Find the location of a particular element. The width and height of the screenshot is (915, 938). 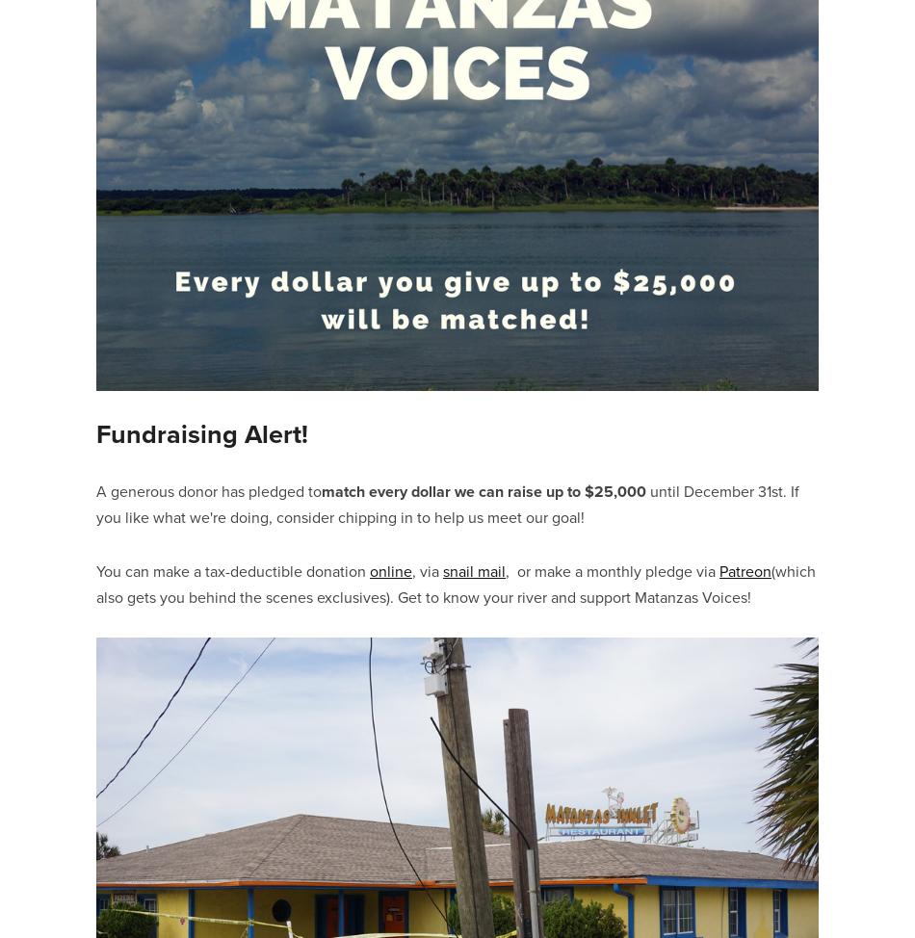

'A generous donor has pledged to' is located at coordinates (208, 491).